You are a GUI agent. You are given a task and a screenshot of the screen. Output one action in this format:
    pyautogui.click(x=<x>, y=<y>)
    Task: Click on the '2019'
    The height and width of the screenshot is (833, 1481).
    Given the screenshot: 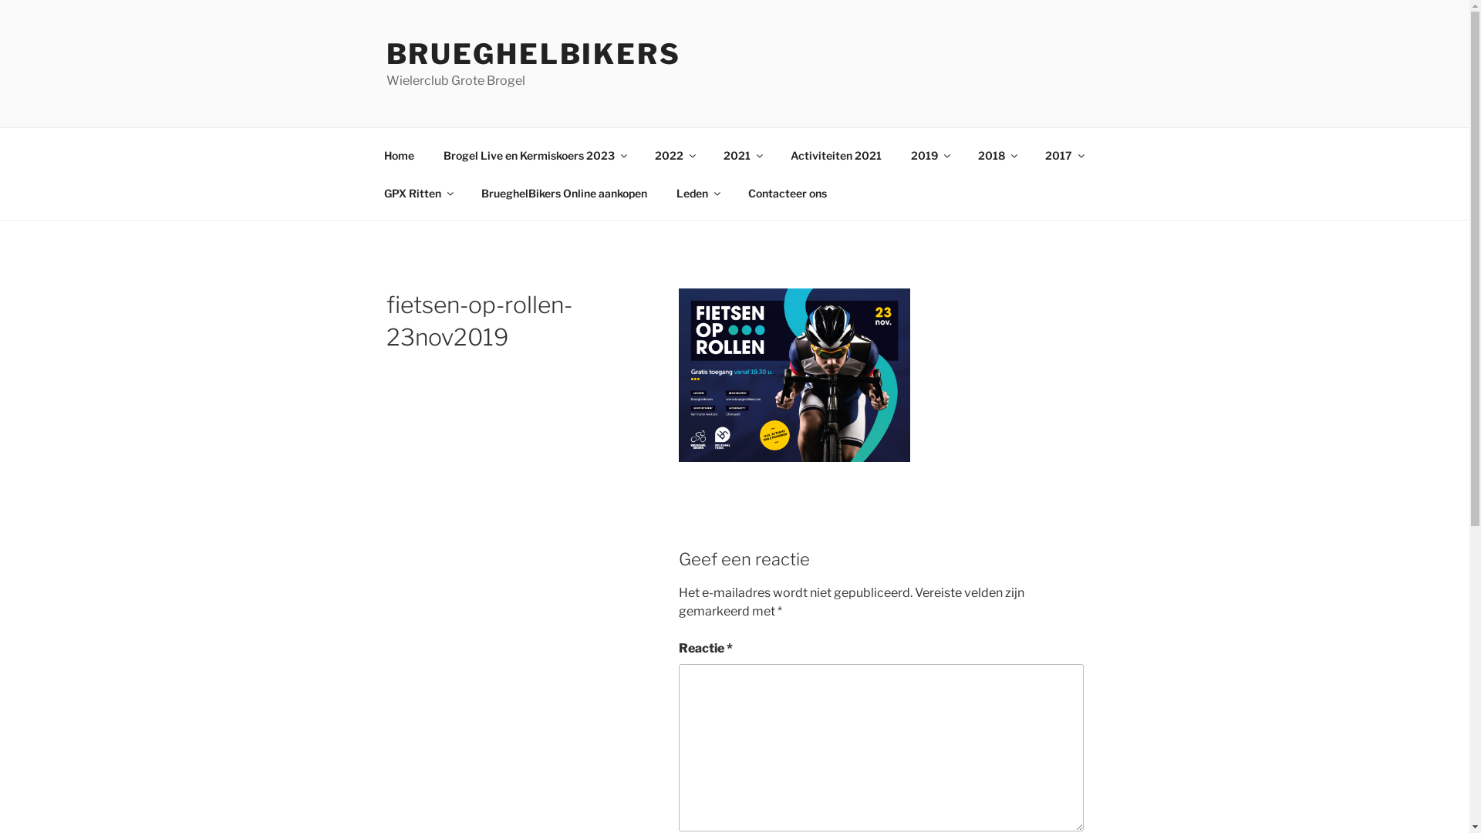 What is the action you would take?
    pyautogui.click(x=929, y=154)
    